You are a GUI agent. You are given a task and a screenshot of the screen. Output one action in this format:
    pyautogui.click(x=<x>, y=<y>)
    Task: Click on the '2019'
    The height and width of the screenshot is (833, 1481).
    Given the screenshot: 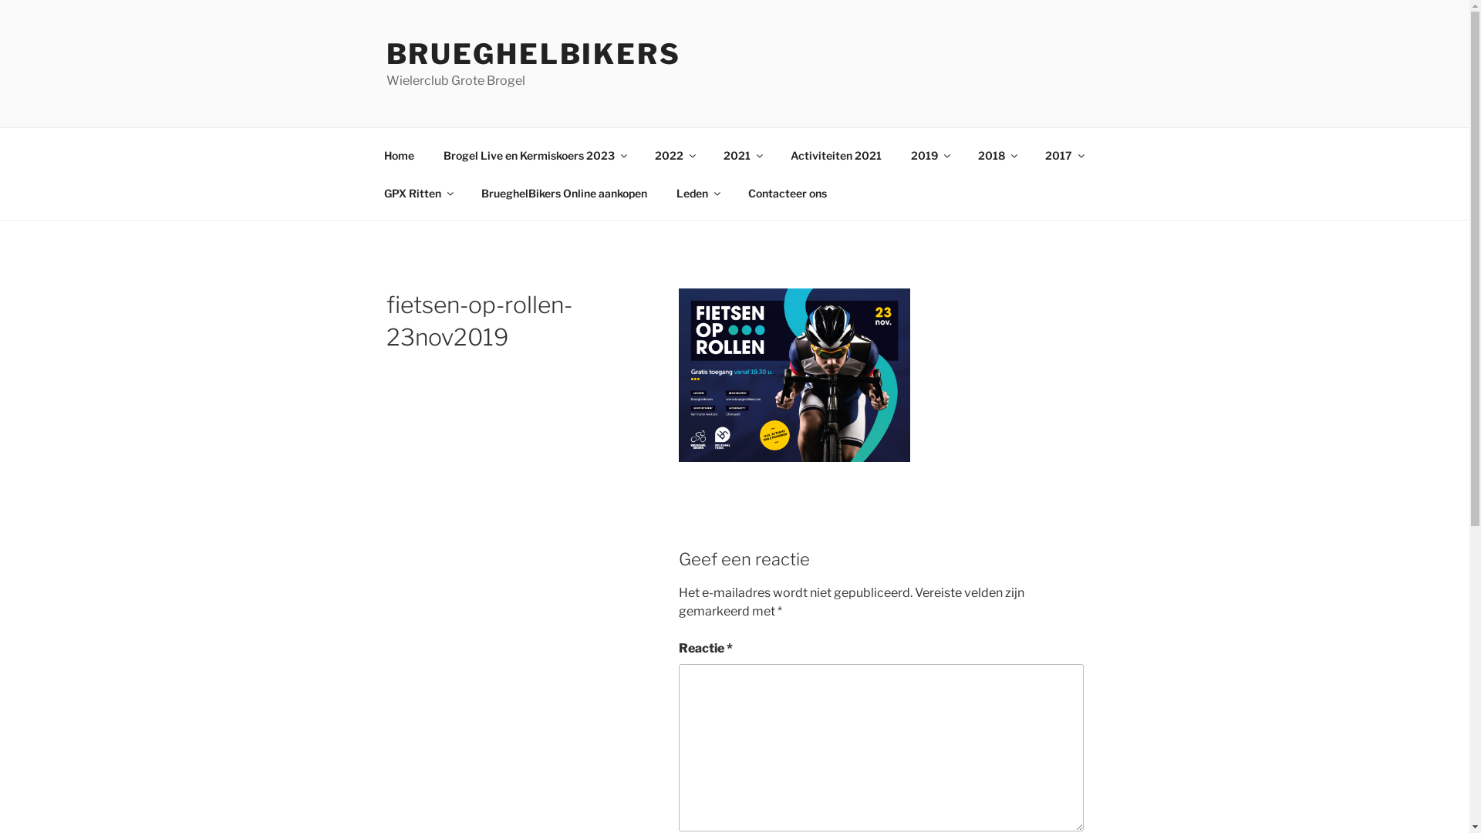 What is the action you would take?
    pyautogui.click(x=929, y=154)
    